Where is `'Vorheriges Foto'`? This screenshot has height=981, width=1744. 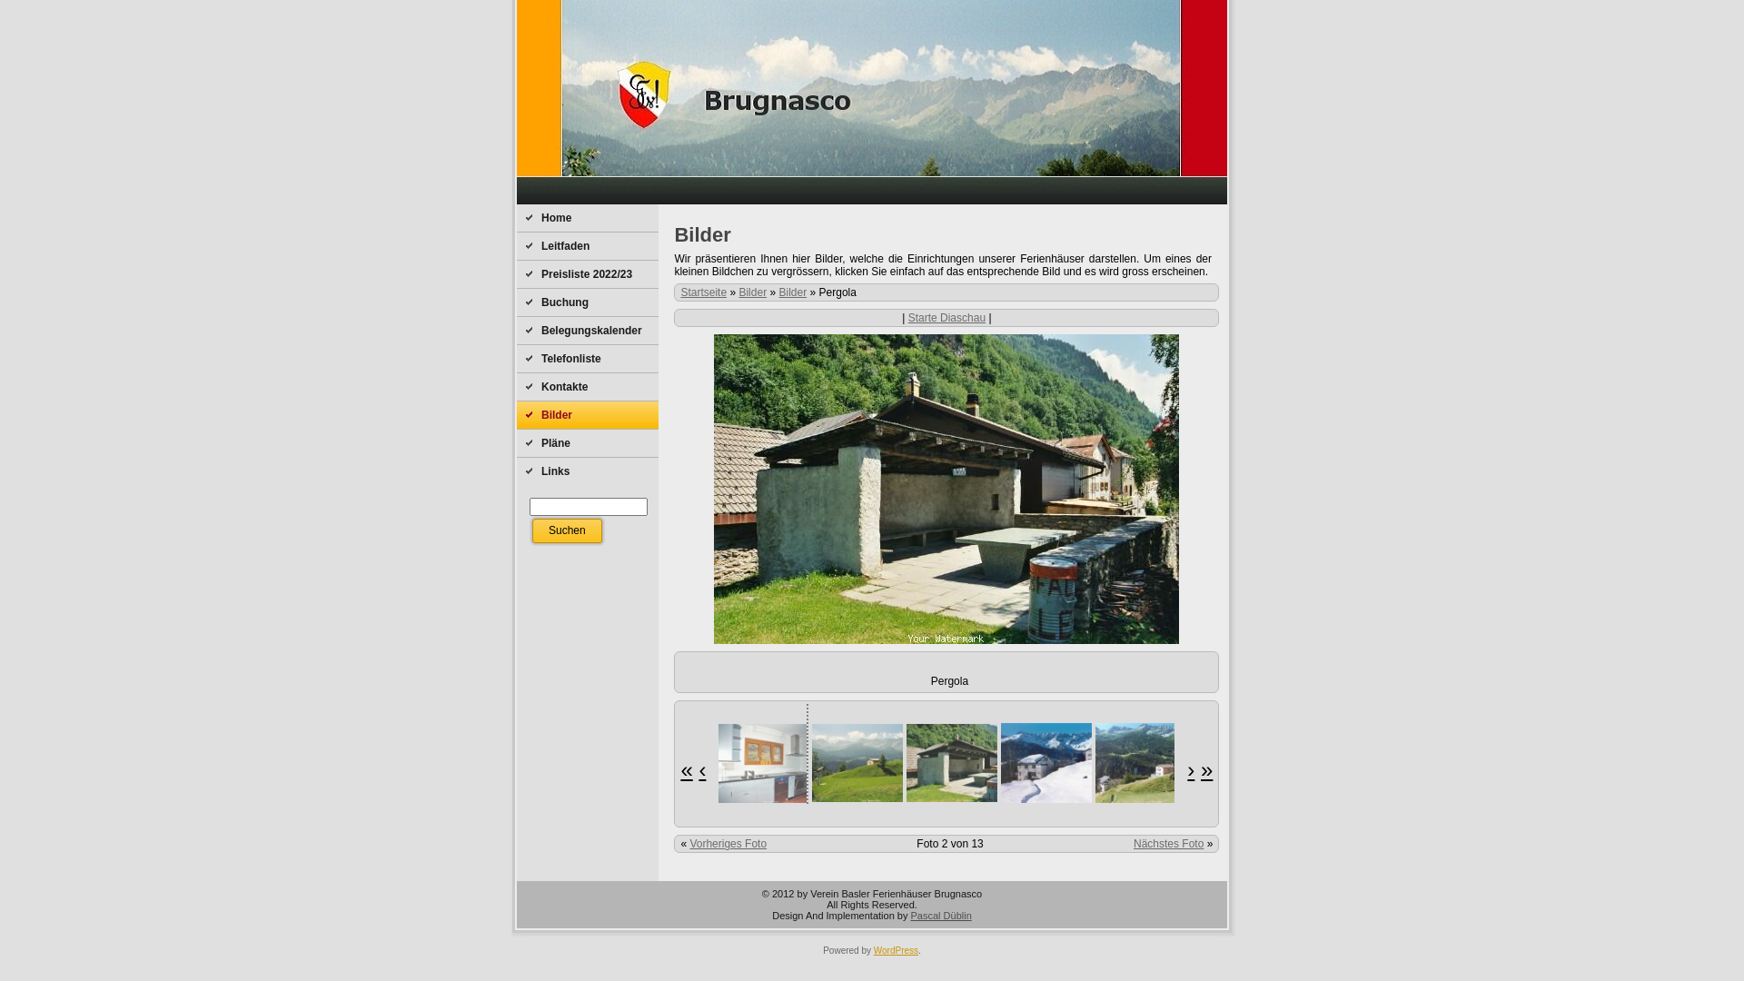 'Vorheriges Foto' is located at coordinates (728, 844).